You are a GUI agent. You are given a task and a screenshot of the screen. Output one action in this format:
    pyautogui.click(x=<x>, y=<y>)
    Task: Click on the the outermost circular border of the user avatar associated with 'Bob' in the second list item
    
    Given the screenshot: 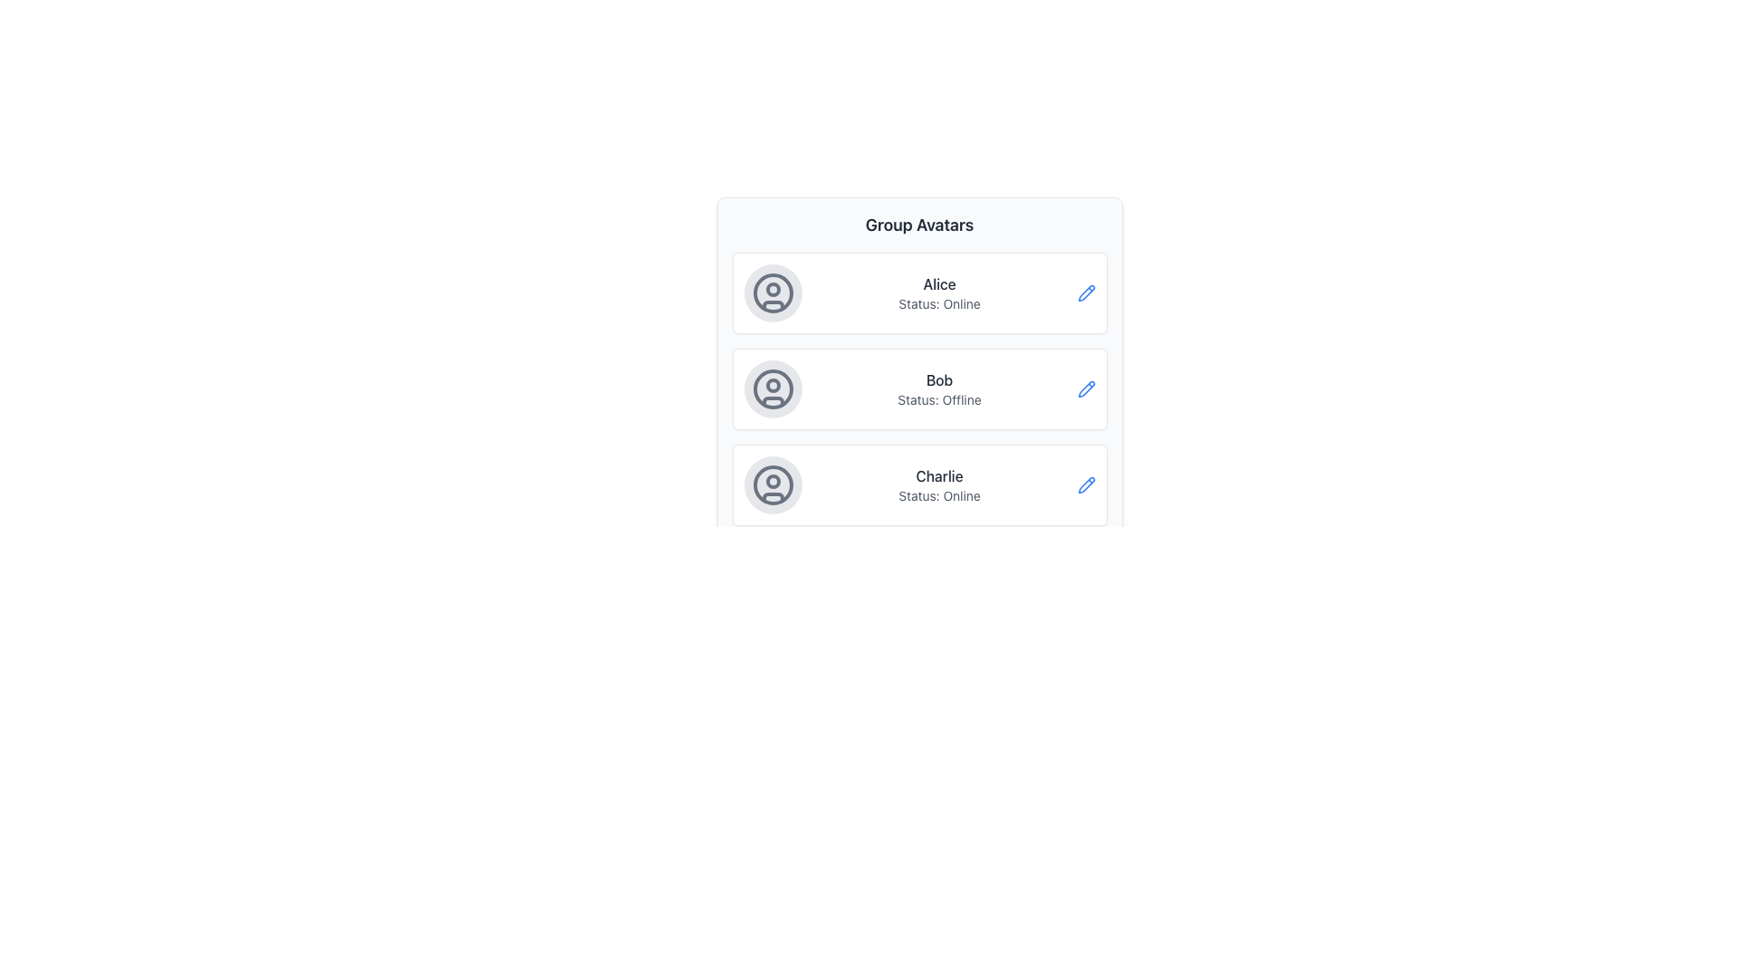 What is the action you would take?
    pyautogui.click(x=773, y=388)
    